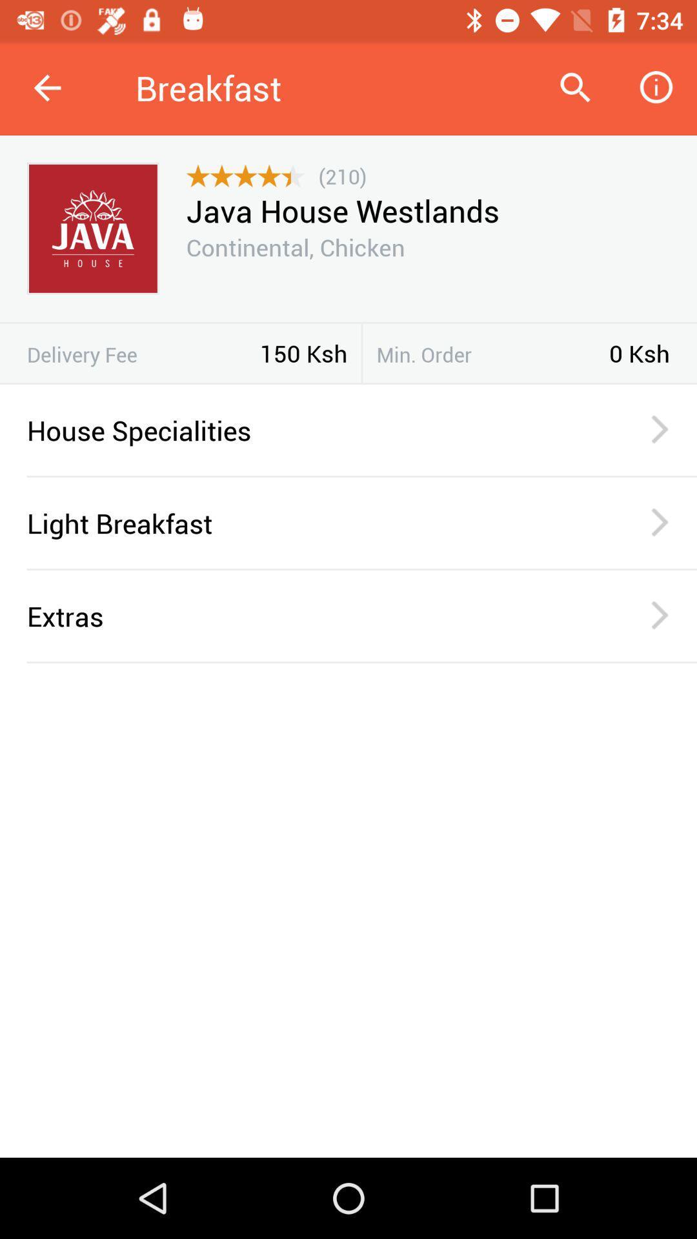  I want to click on the house specialities, so click(311, 430).